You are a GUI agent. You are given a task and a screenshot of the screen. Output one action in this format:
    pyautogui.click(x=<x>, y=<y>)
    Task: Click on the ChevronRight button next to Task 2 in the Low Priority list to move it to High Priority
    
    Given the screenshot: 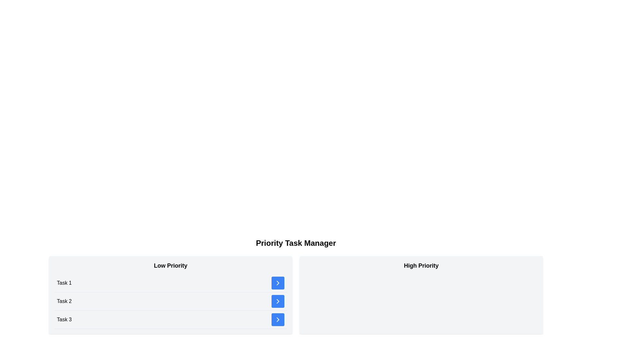 What is the action you would take?
    pyautogui.click(x=278, y=301)
    